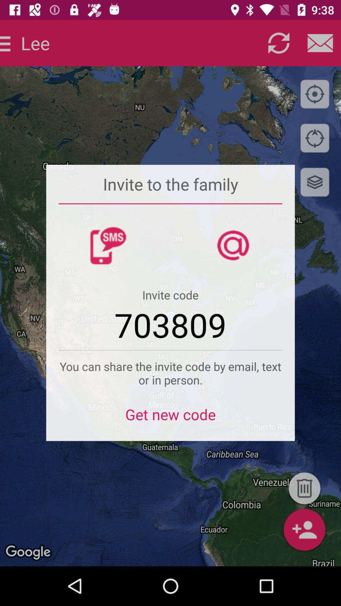 The width and height of the screenshot is (341, 606). Describe the element at coordinates (278, 43) in the screenshot. I see `the refresh icon` at that location.